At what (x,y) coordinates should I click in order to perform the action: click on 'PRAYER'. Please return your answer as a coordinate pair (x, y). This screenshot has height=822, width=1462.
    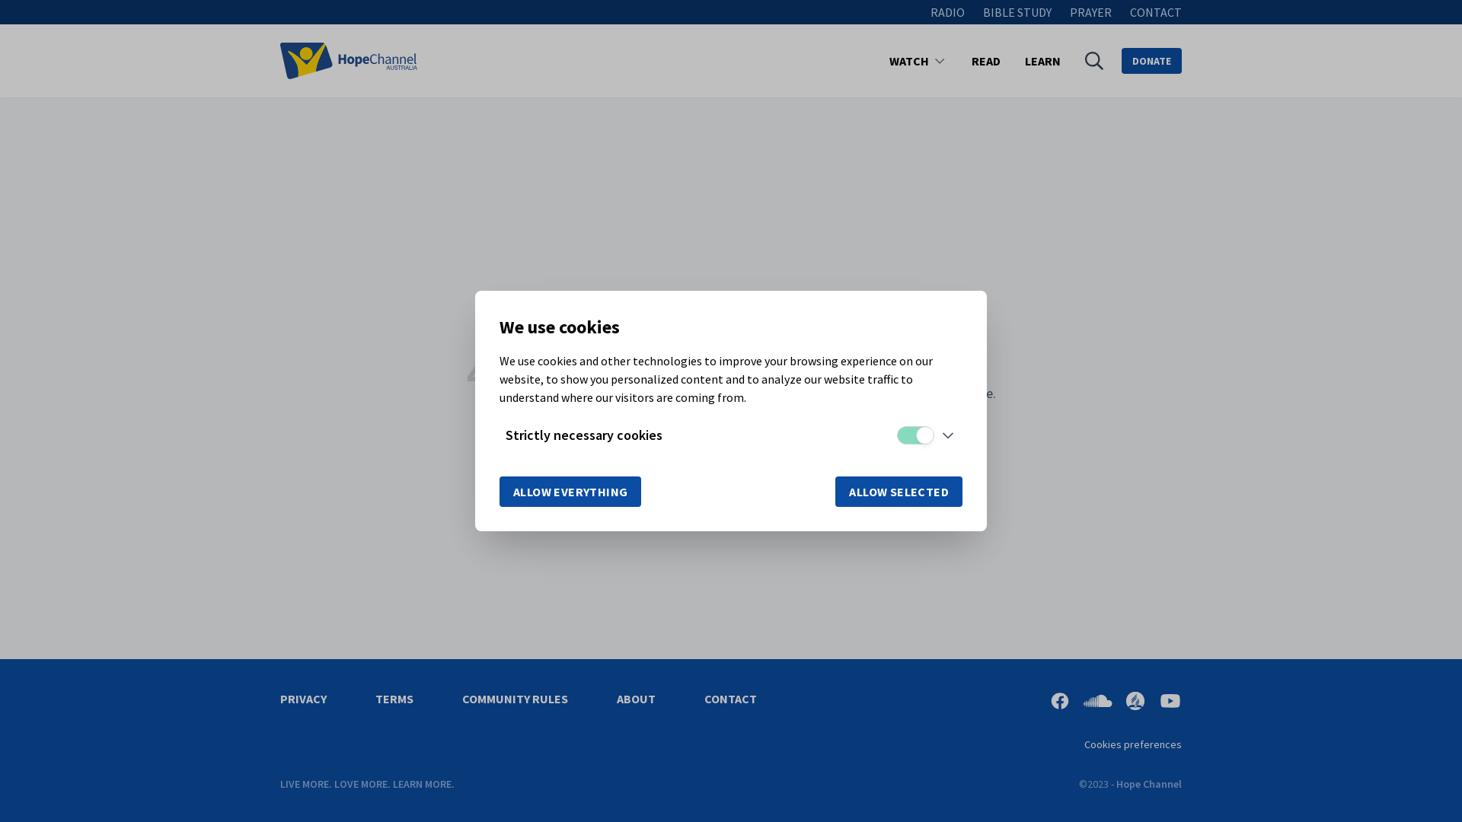
    Looking at the image, I should click on (1090, 11).